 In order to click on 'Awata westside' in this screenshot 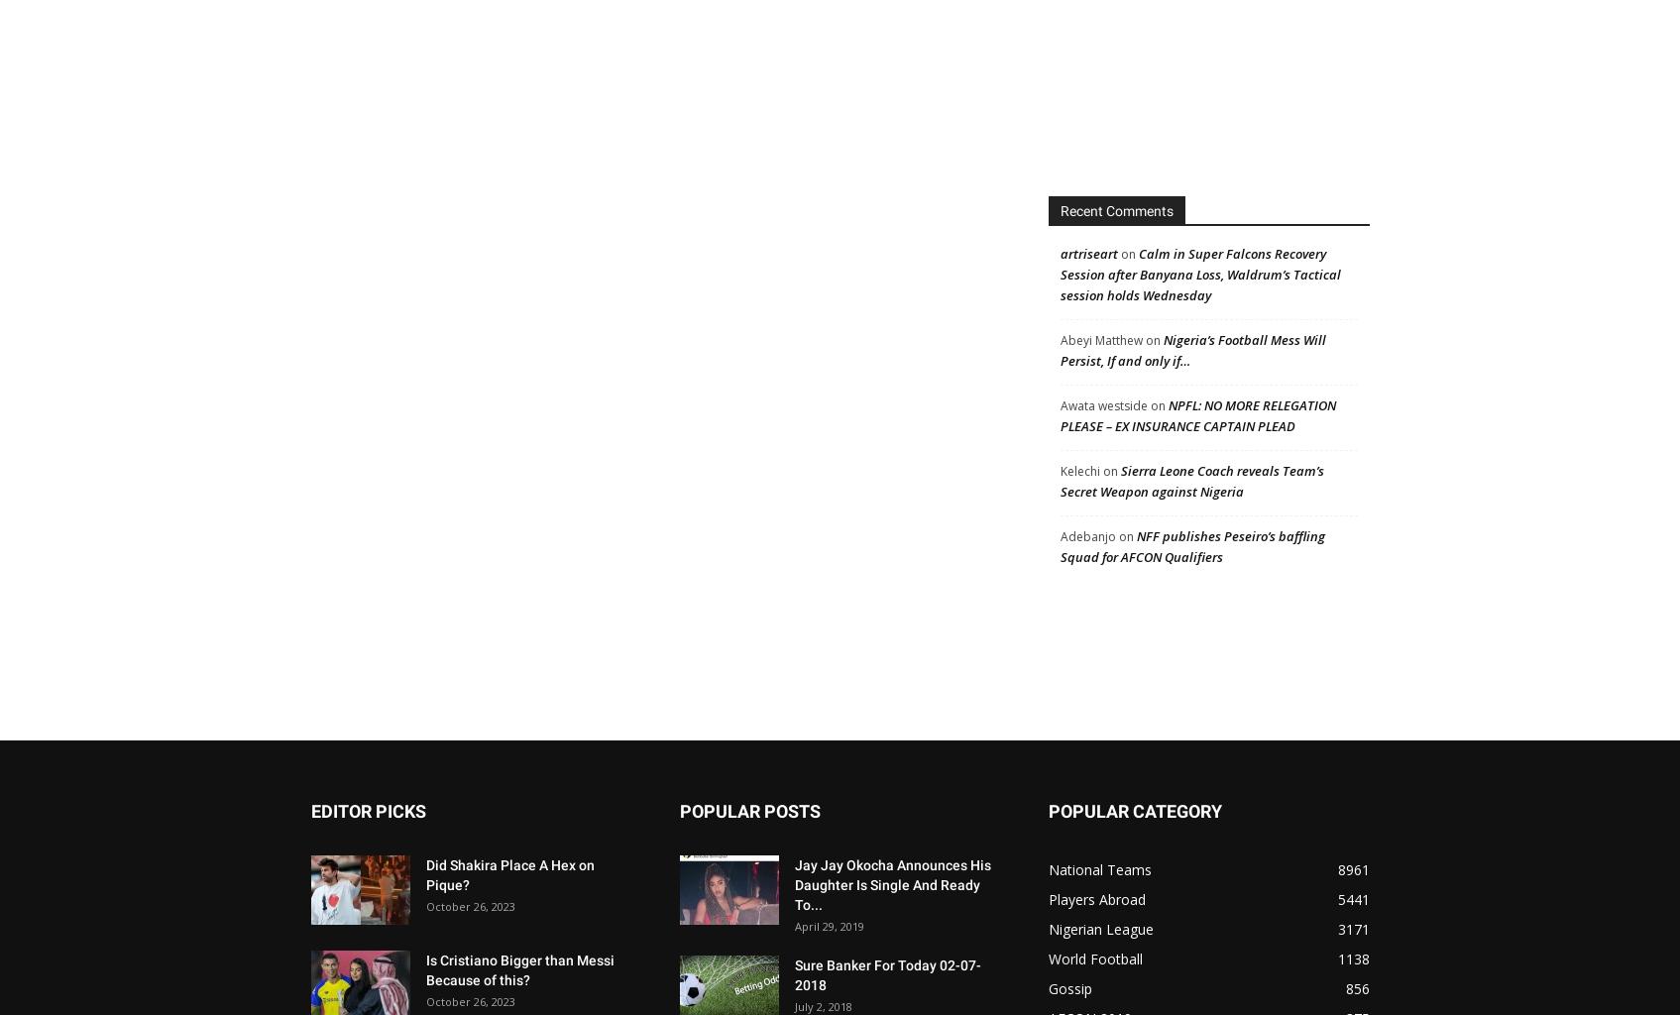, I will do `click(1101, 404)`.